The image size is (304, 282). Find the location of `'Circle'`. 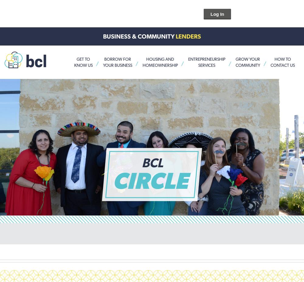

'Circle' is located at coordinates (112, 180).